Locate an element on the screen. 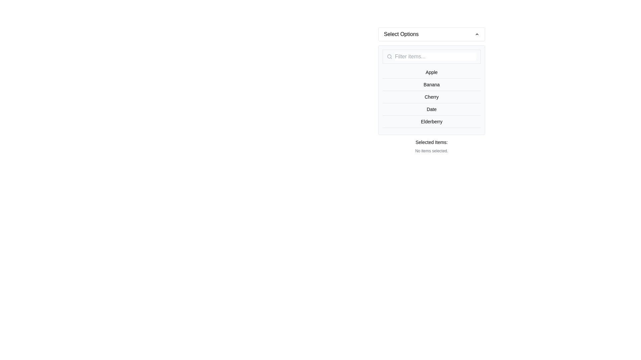 The height and width of the screenshot is (360, 641). the informational Text label indicating that no items have been selected, which is positioned below the 'Selected Items:' label is located at coordinates (431, 151).